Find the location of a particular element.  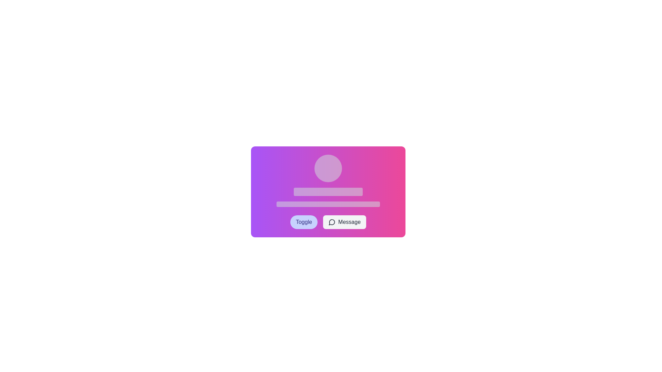

the speech bubble icon, which is a small, stylized SVG vector graphic with a circular outline and a tapering tail, located within a card-like component in the lower section of the interface is located at coordinates (332, 222).